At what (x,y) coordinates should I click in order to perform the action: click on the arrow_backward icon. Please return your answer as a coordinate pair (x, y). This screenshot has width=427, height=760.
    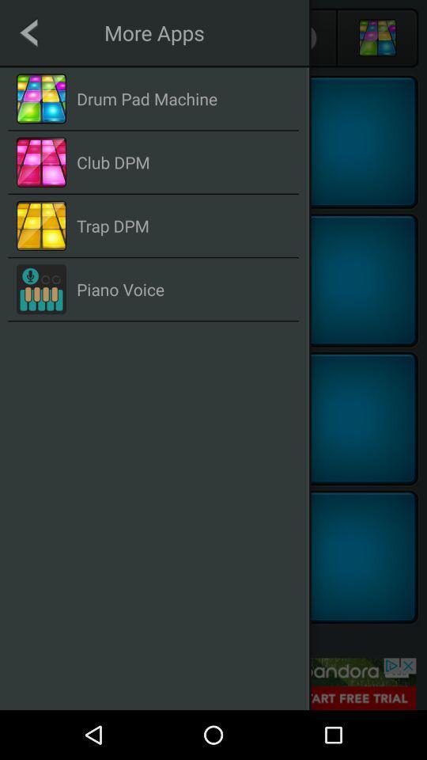
    Looking at the image, I should click on (49, 37).